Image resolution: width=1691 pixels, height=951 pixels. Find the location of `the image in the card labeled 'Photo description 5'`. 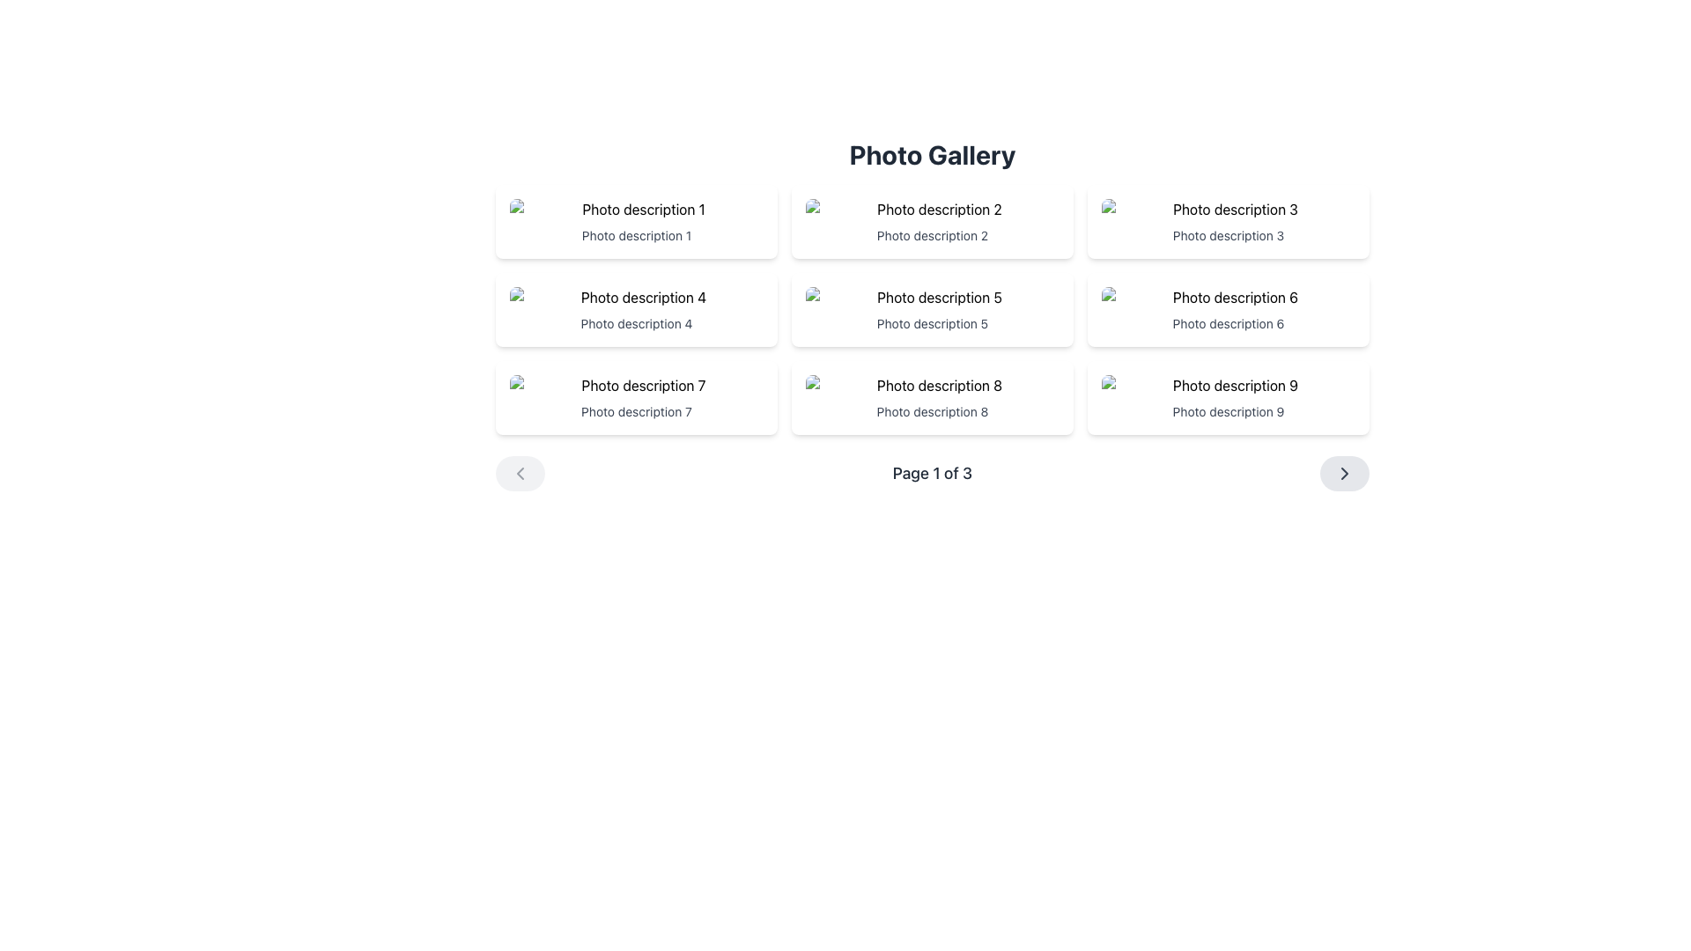

the image in the card labeled 'Photo description 5' is located at coordinates (932, 297).